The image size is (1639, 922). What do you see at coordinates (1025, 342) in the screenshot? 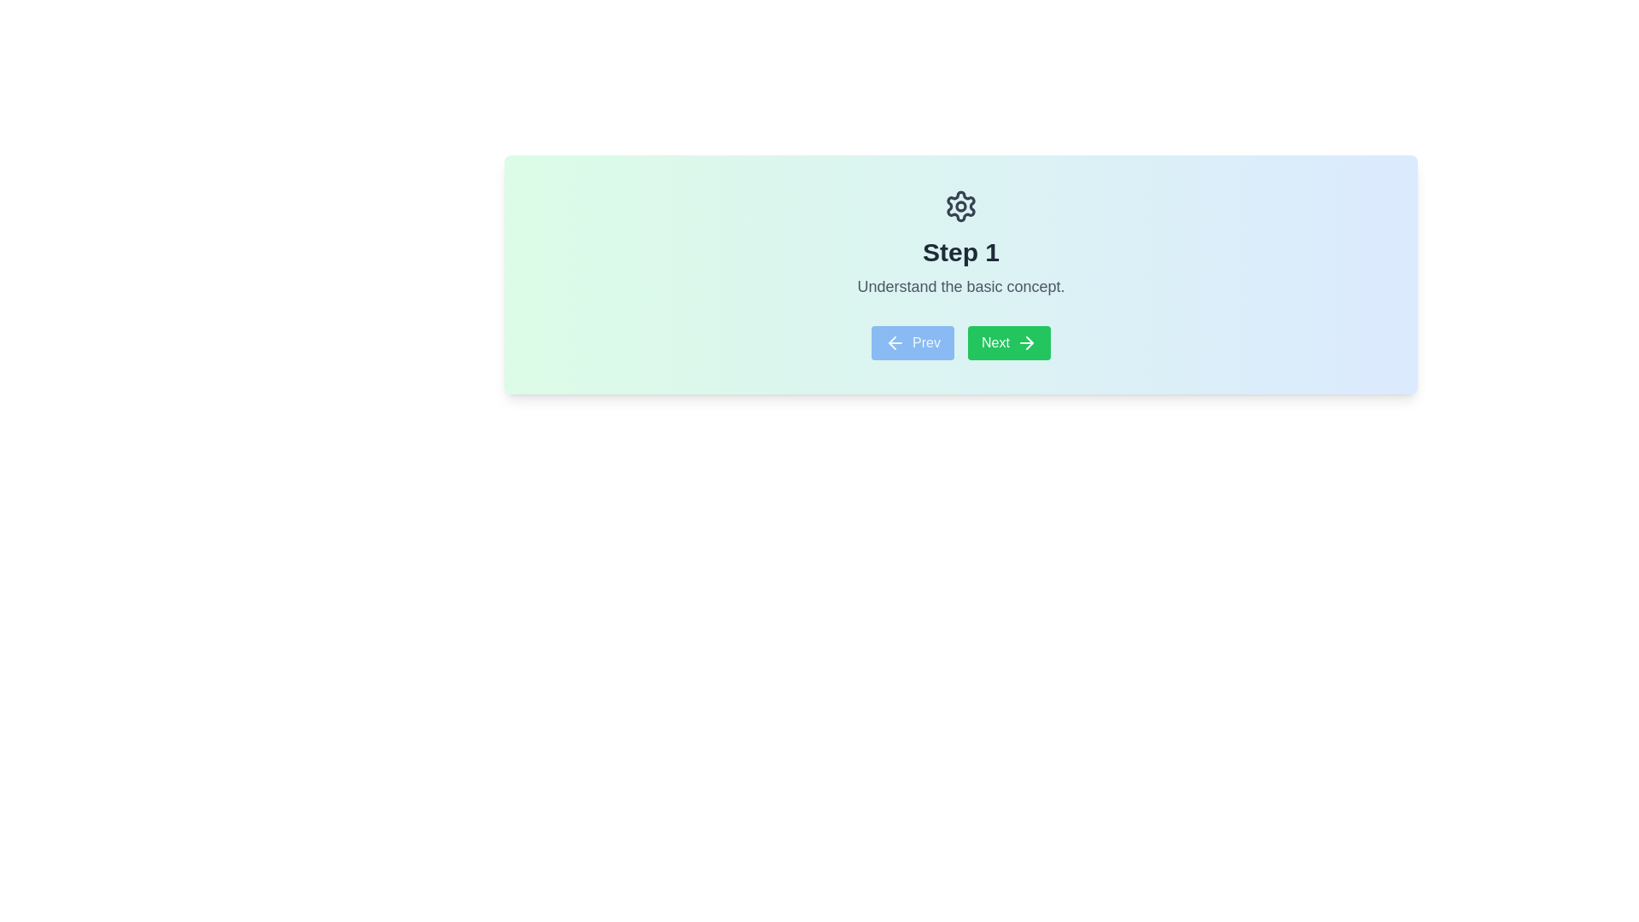
I see `the 'Next' button icon, which is an arrow positioned to the right of the text 'Next' in the navigation bar at the bottom of the step progress interface` at bounding box center [1025, 342].